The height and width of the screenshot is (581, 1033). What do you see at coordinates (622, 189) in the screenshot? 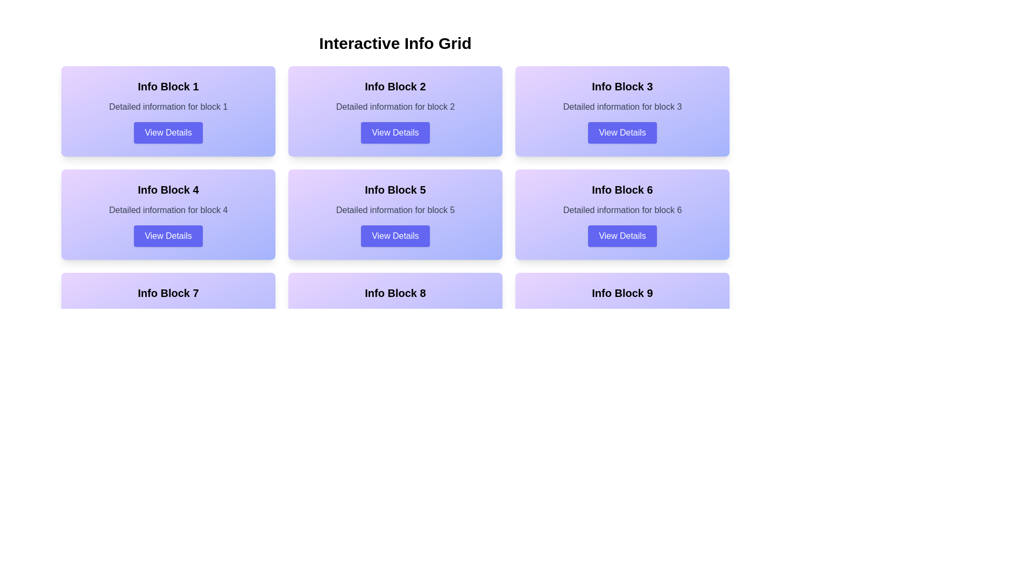
I see `the title heading text element located at the top-center of the info block card, which identifies the card's content above 'Detailed information for block 6' and the 'View Details' button` at bounding box center [622, 189].